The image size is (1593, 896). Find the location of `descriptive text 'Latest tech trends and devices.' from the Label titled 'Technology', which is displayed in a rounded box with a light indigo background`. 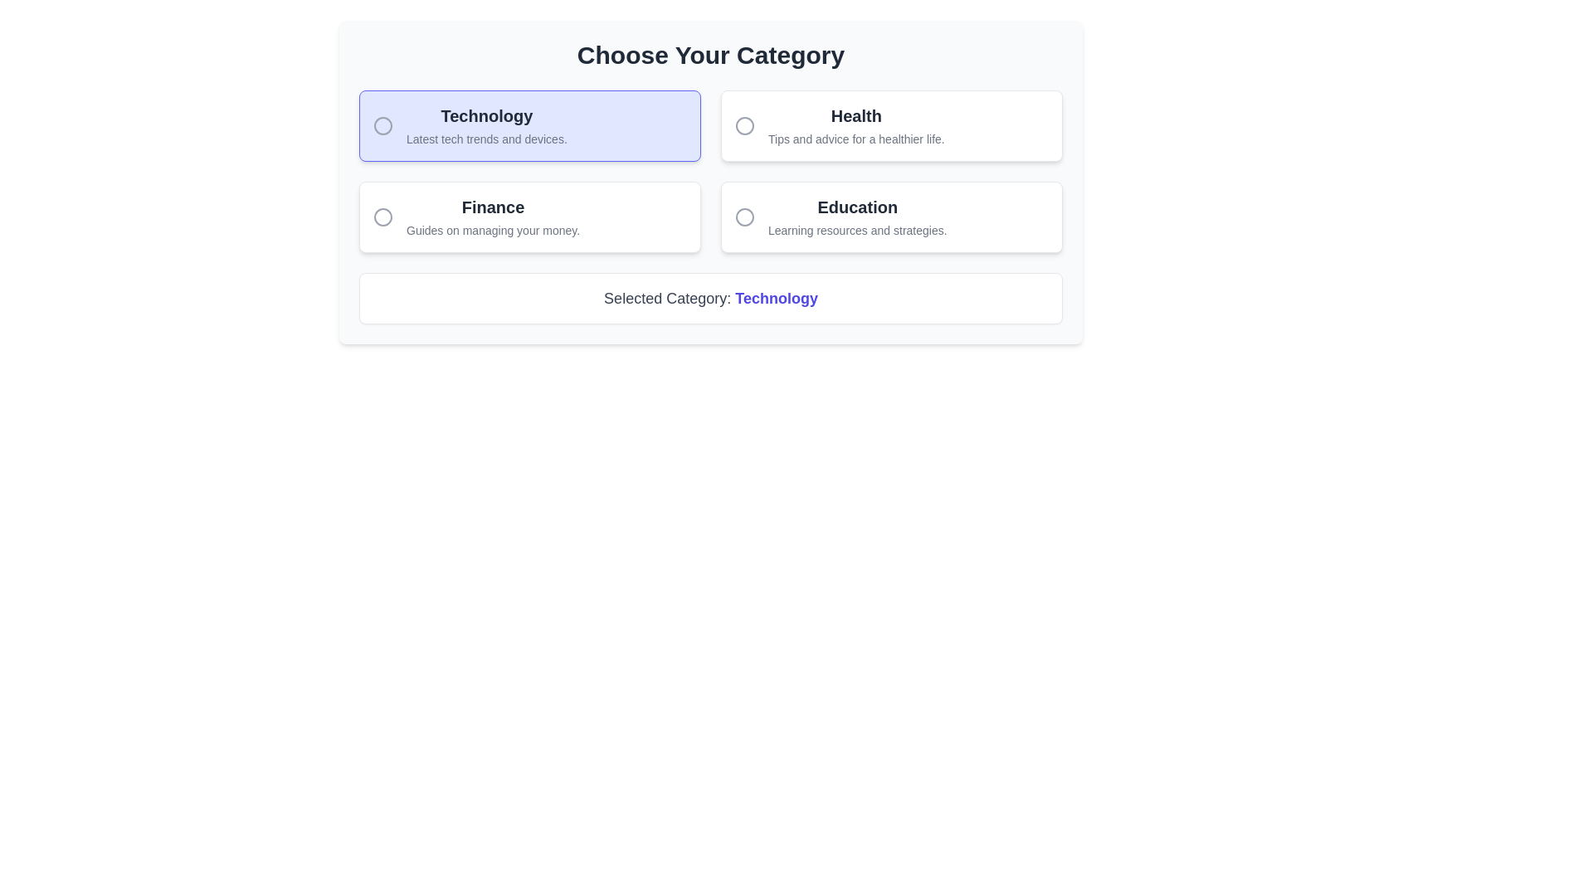

descriptive text 'Latest tech trends and devices.' from the Label titled 'Technology', which is displayed in a rounded box with a light indigo background is located at coordinates (485, 124).